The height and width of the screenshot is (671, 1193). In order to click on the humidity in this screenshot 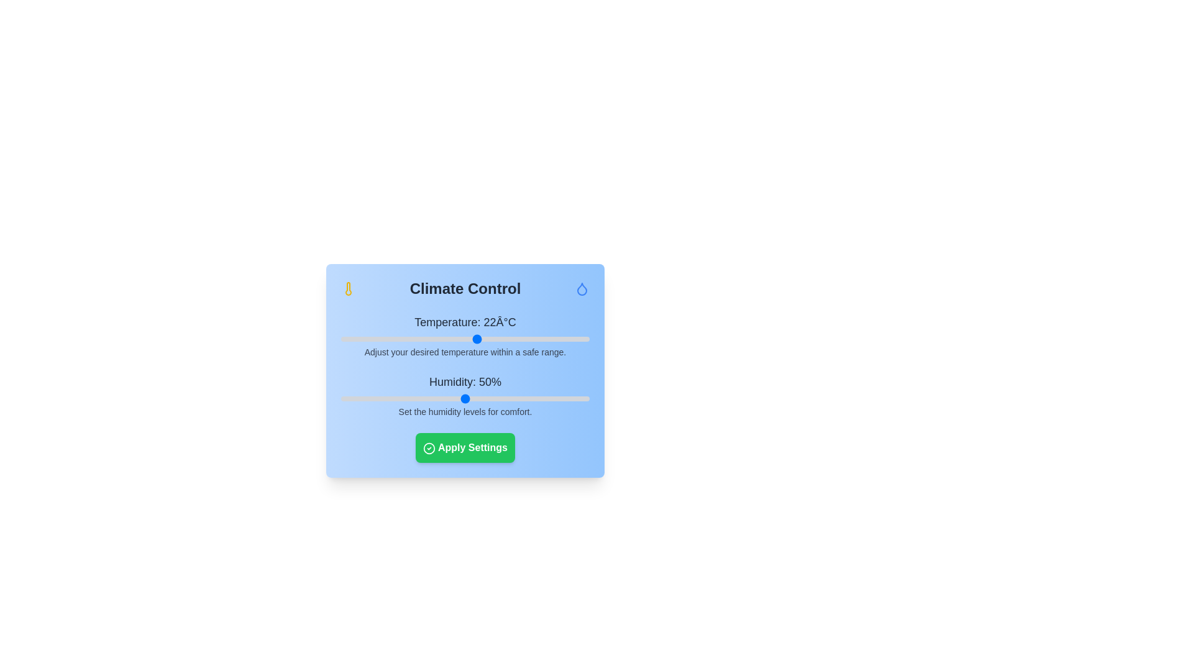, I will do `click(405, 398)`.